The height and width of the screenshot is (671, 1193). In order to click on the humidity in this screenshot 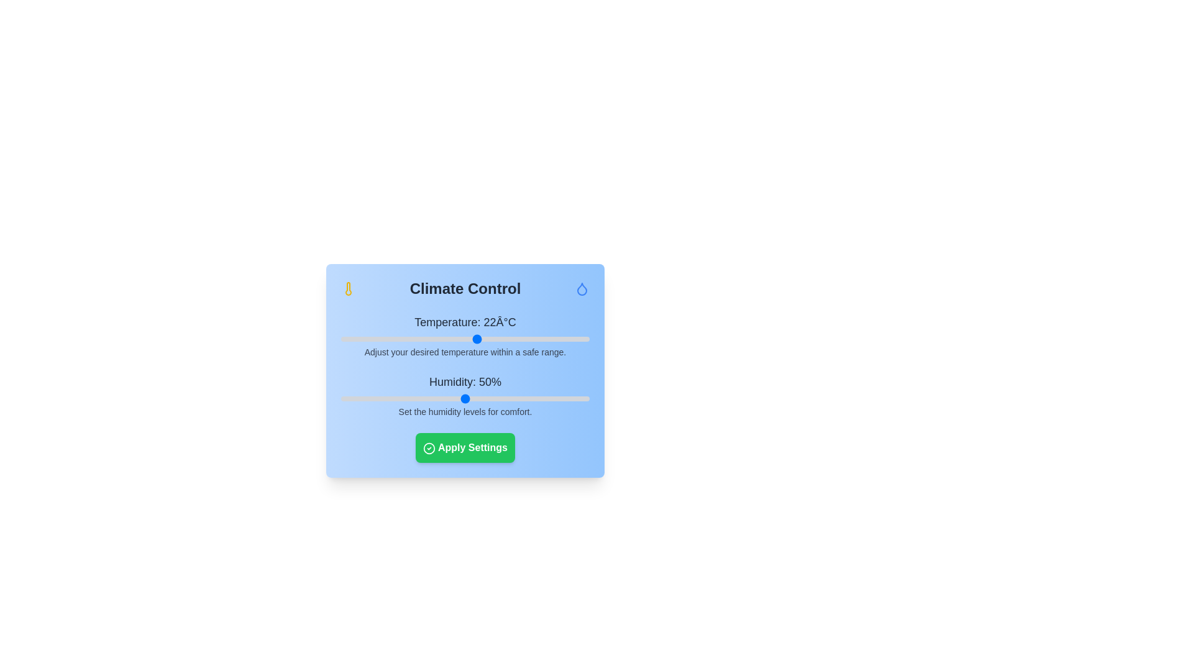, I will do `click(405, 398)`.